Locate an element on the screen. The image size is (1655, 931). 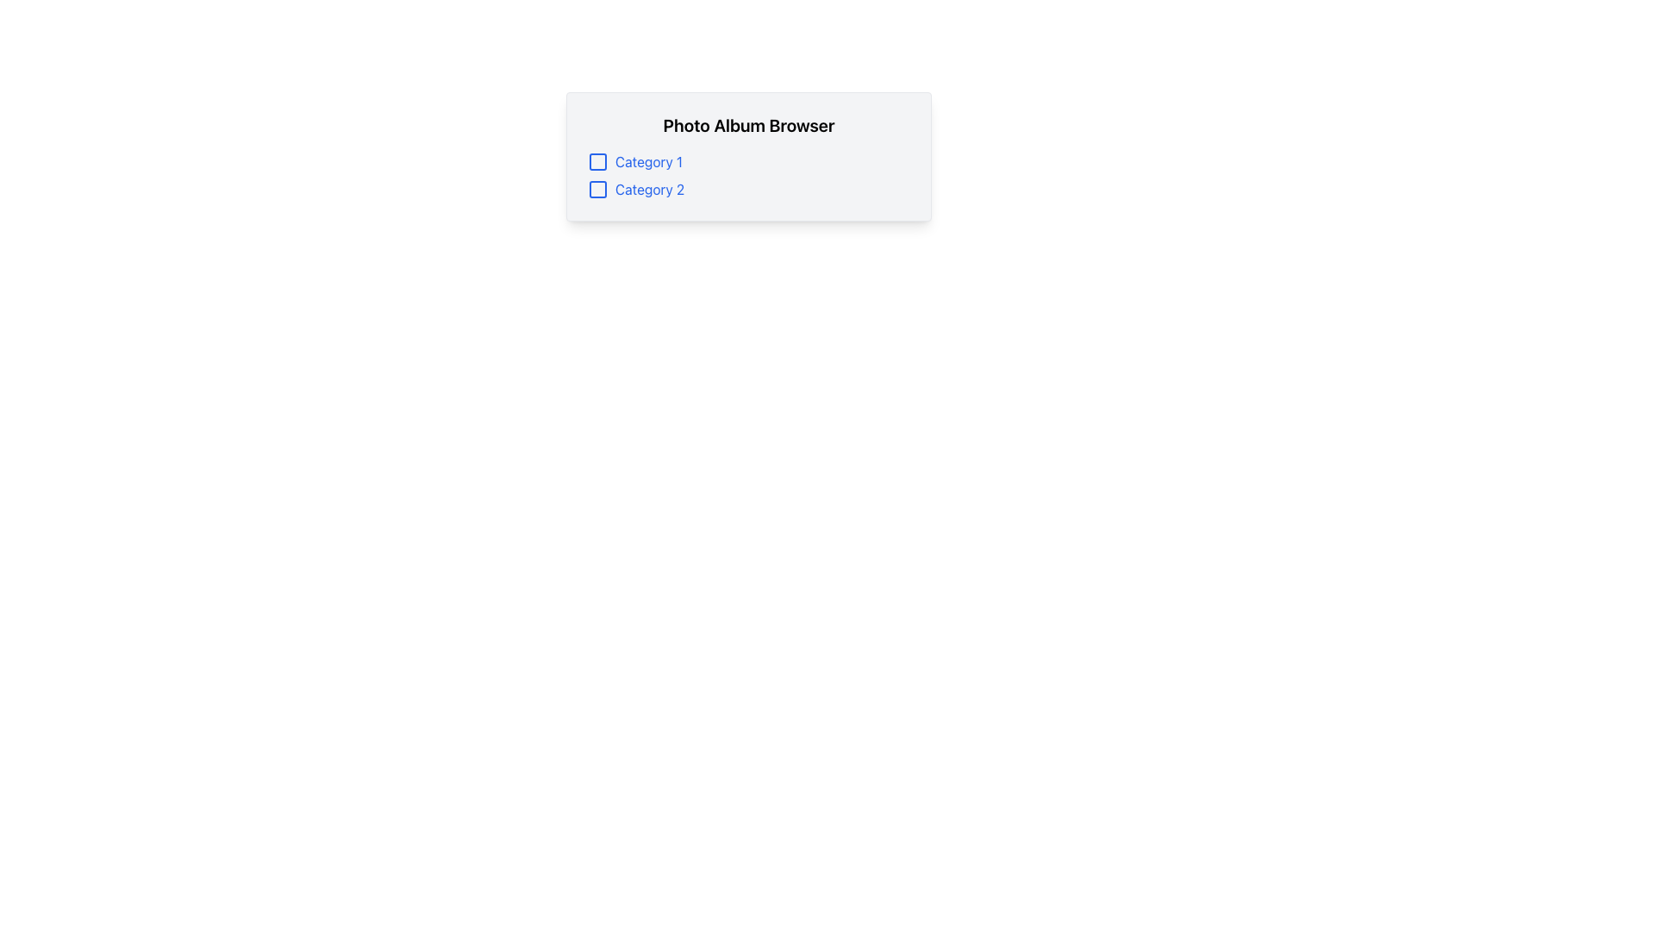
the static text header that serves as the title for the section listing categories or options related to photo albums is located at coordinates (748, 125).